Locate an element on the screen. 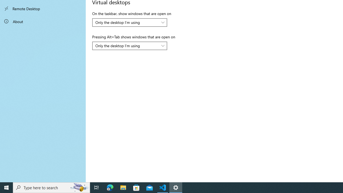 Image resolution: width=343 pixels, height=193 pixels. 'Microsoft Store' is located at coordinates (136, 187).